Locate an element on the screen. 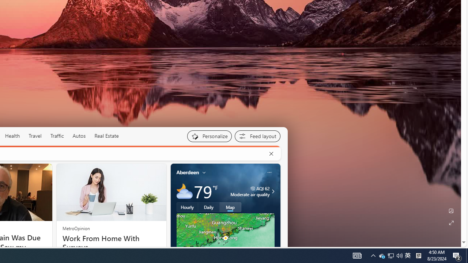 Image resolution: width=468 pixels, height=263 pixels. 'Personalize your feed"' is located at coordinates (209, 136).